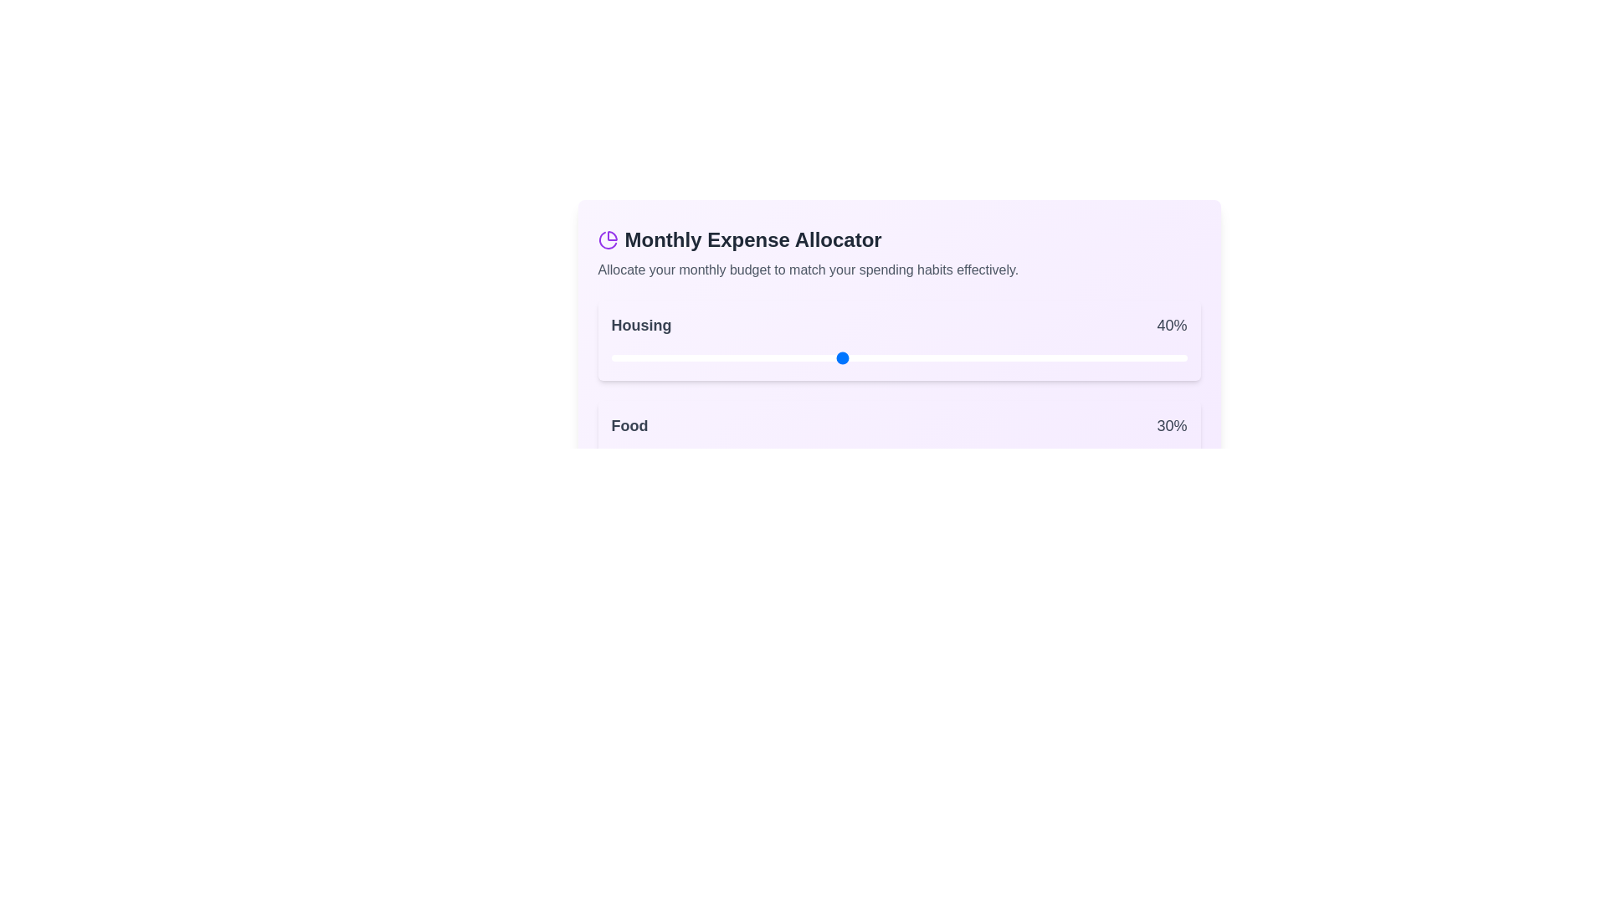 Image resolution: width=1607 pixels, height=904 pixels. Describe the element at coordinates (675, 357) in the screenshot. I see `the budget for Housing` at that location.